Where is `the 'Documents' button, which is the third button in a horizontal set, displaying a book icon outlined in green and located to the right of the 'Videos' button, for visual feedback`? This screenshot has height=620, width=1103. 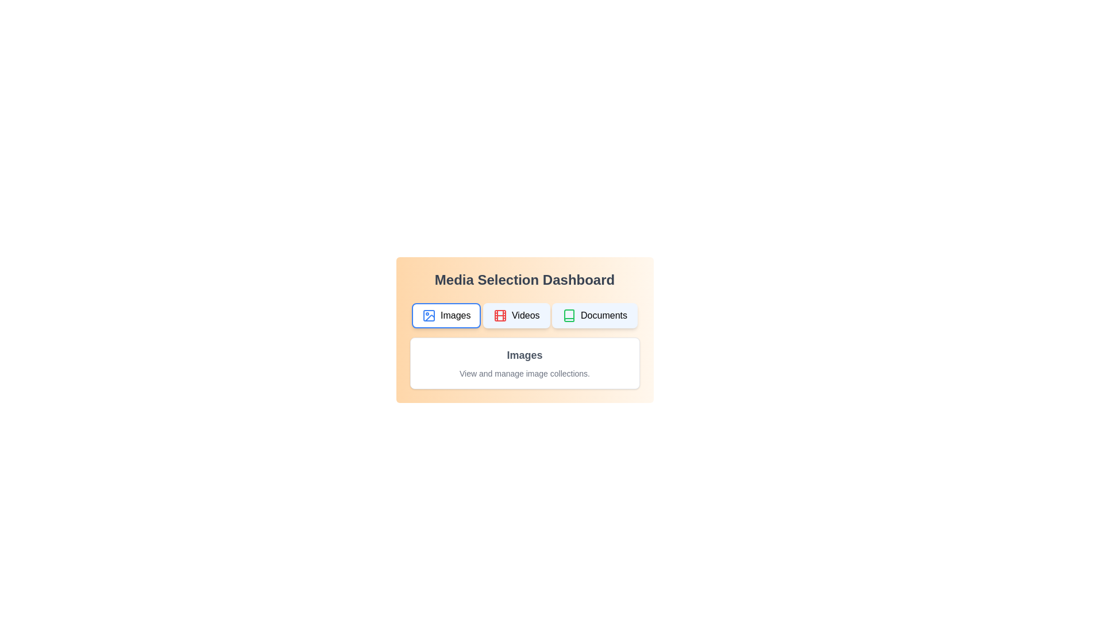
the 'Documents' button, which is the third button in a horizontal set, displaying a book icon outlined in green and located to the right of the 'Videos' button, for visual feedback is located at coordinates (595, 316).